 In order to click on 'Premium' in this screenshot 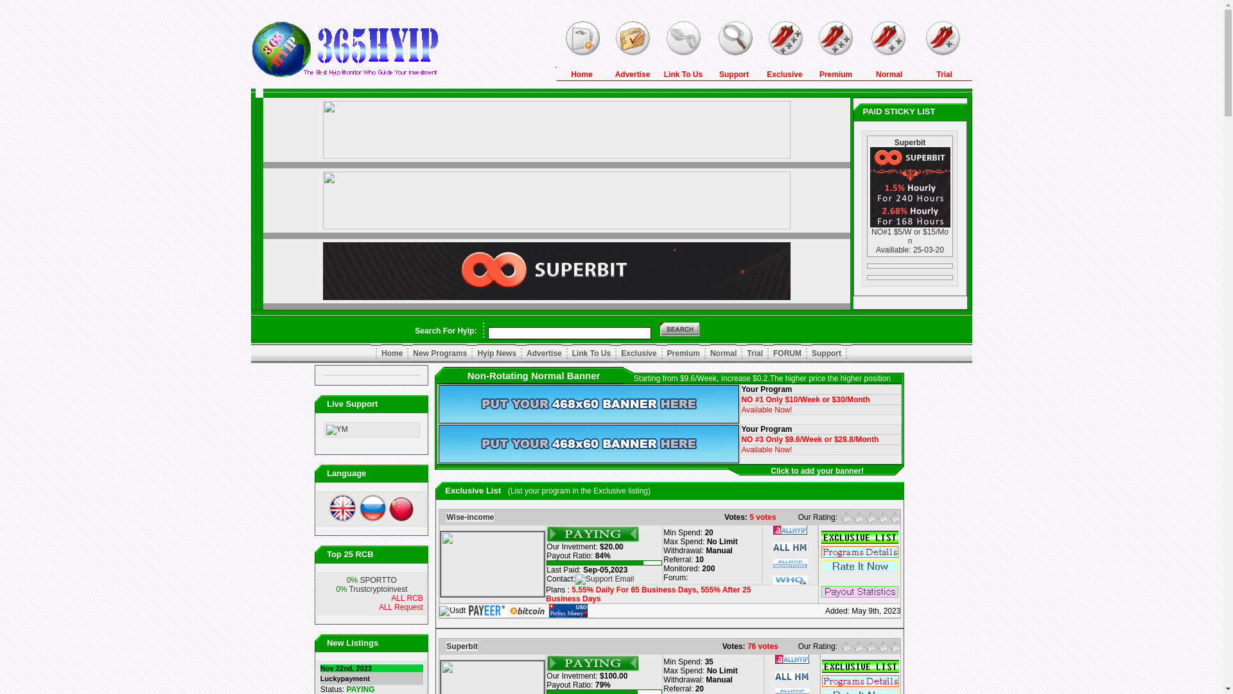, I will do `click(683, 353)`.